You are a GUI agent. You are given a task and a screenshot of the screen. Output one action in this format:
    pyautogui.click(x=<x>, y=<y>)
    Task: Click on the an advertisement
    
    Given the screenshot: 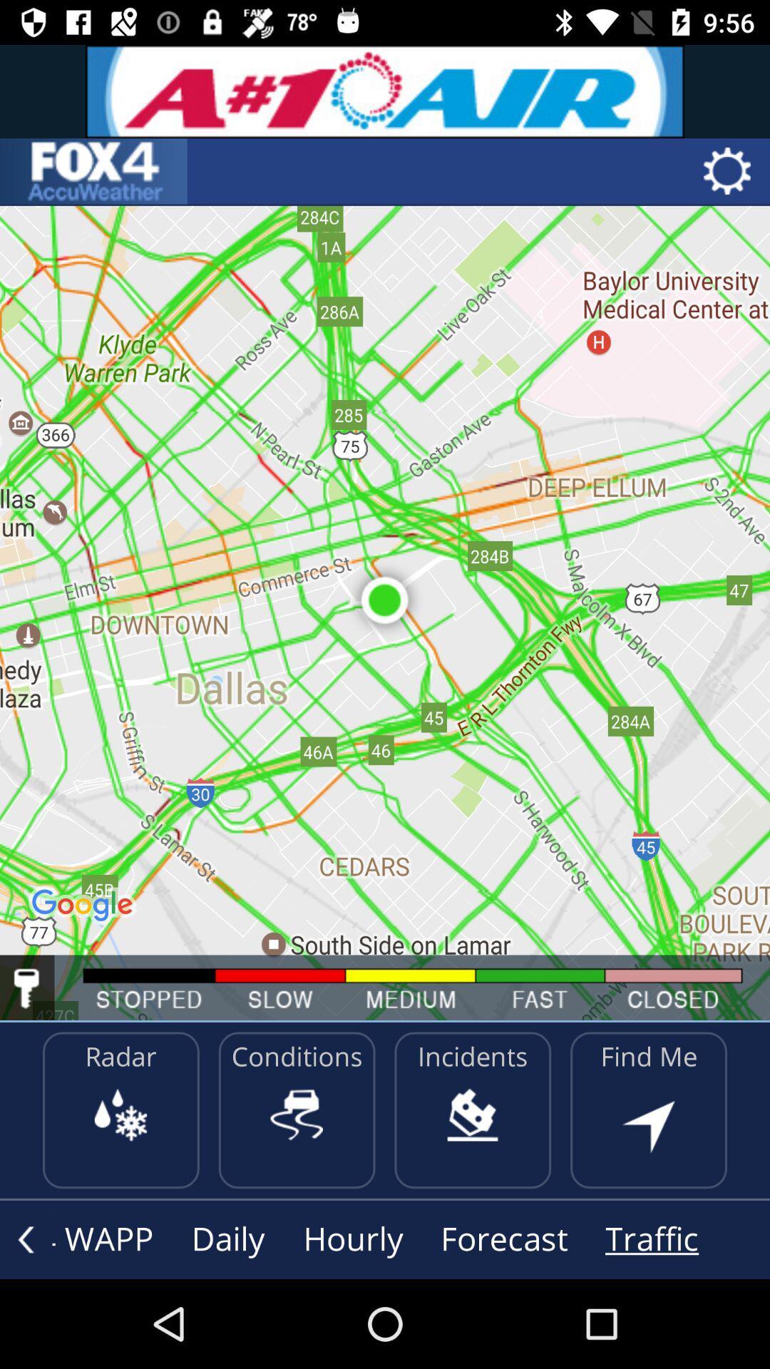 What is the action you would take?
    pyautogui.click(x=385, y=91)
    